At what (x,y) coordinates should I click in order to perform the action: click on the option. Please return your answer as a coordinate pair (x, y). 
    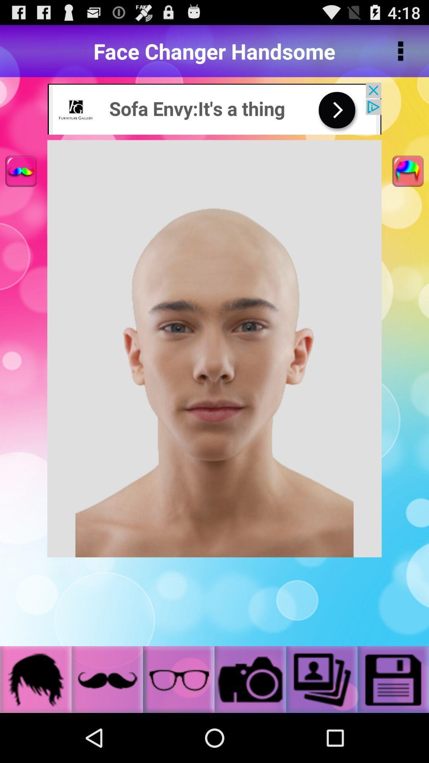
    Looking at the image, I should click on (322, 679).